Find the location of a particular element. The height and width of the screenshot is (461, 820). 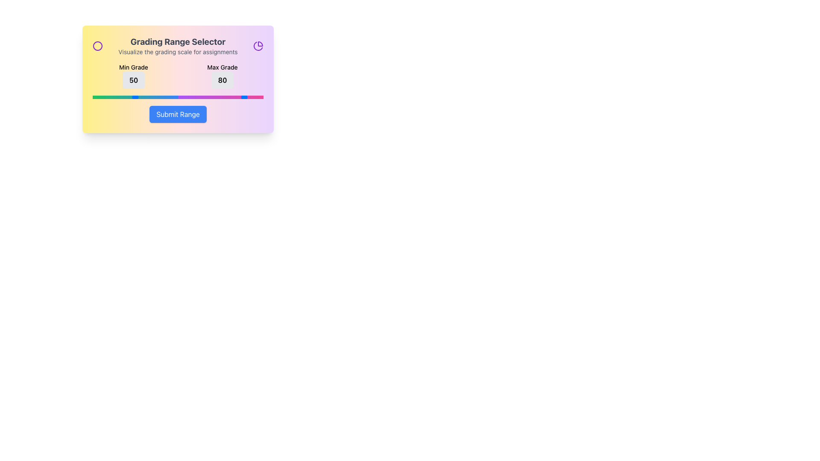

the pie chart icon representing data visualization in the header area of the 'Grading Range Selector' card to focus on it is located at coordinates (258, 46).